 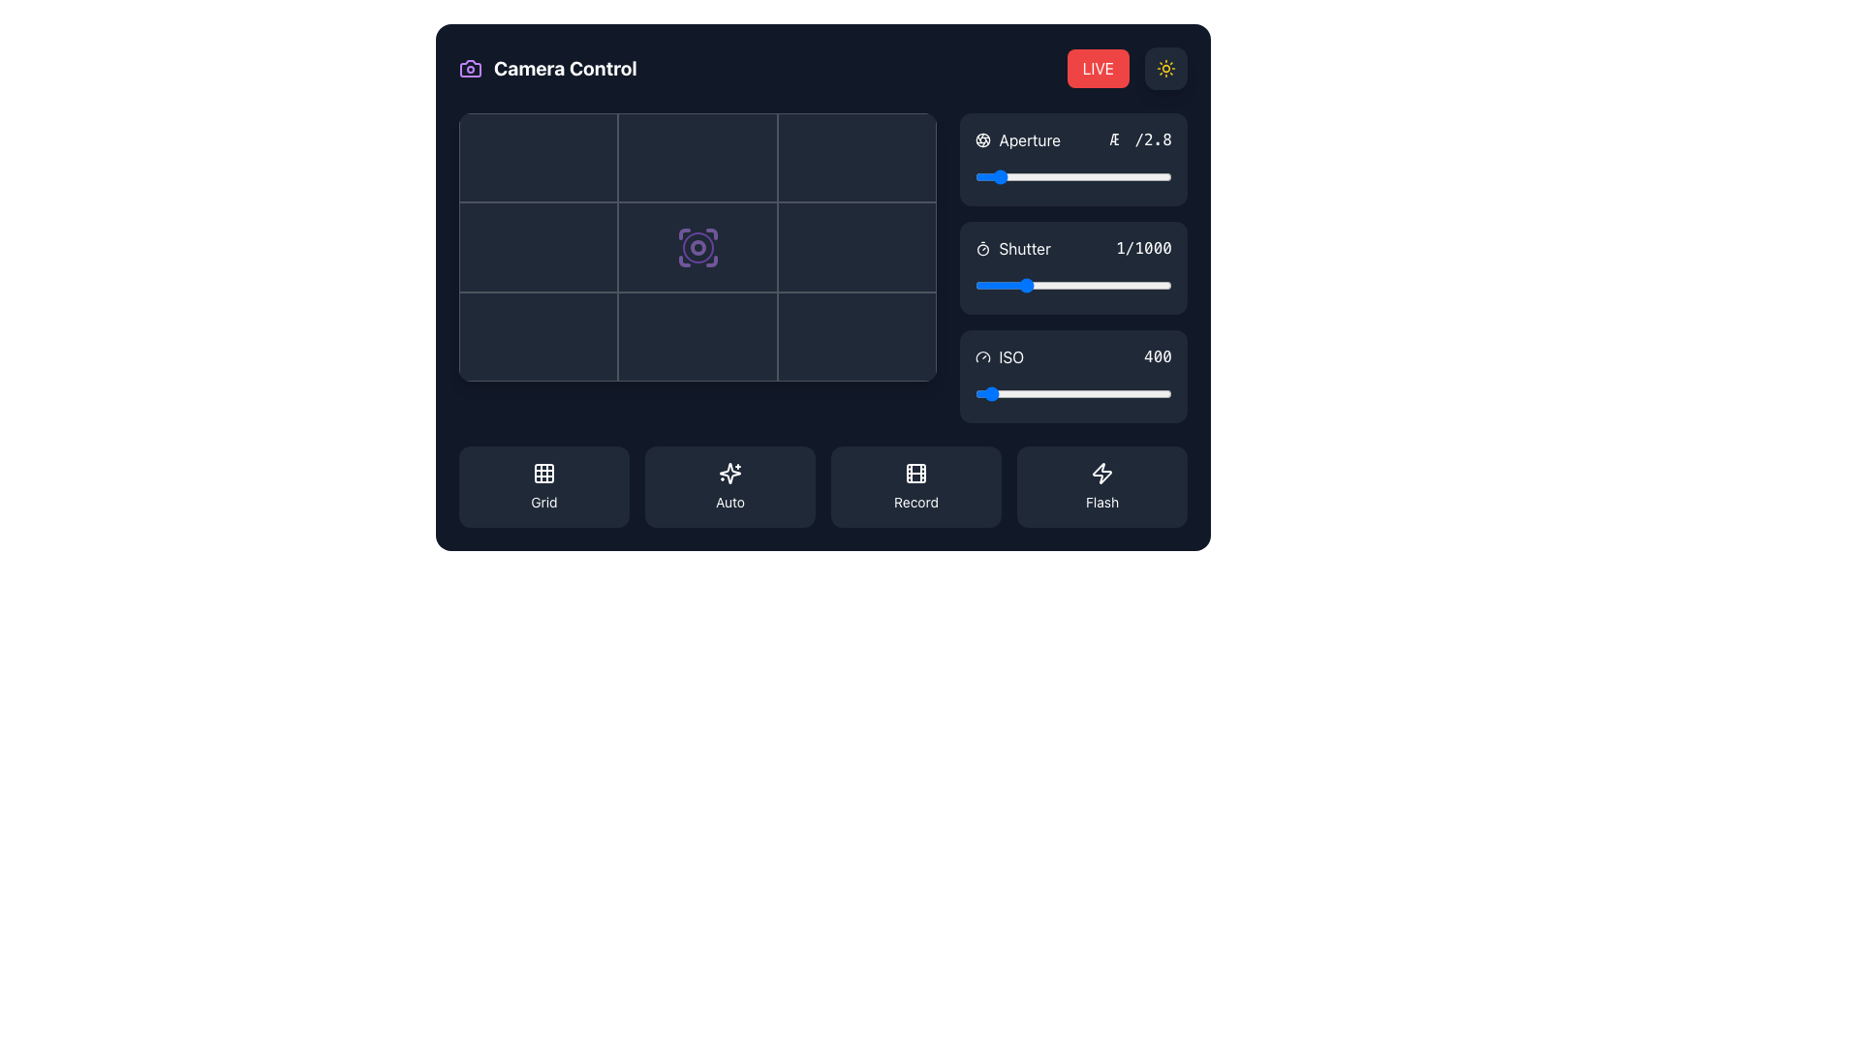 I want to click on ISO value, so click(x=997, y=393).